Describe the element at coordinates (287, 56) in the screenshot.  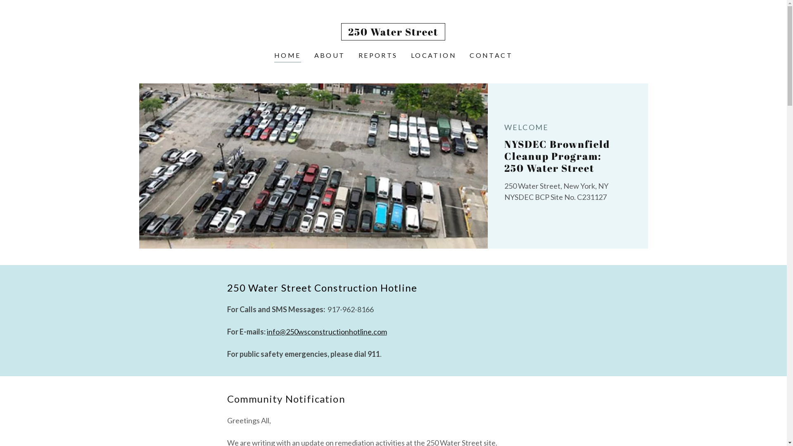
I see `'HOME'` at that location.